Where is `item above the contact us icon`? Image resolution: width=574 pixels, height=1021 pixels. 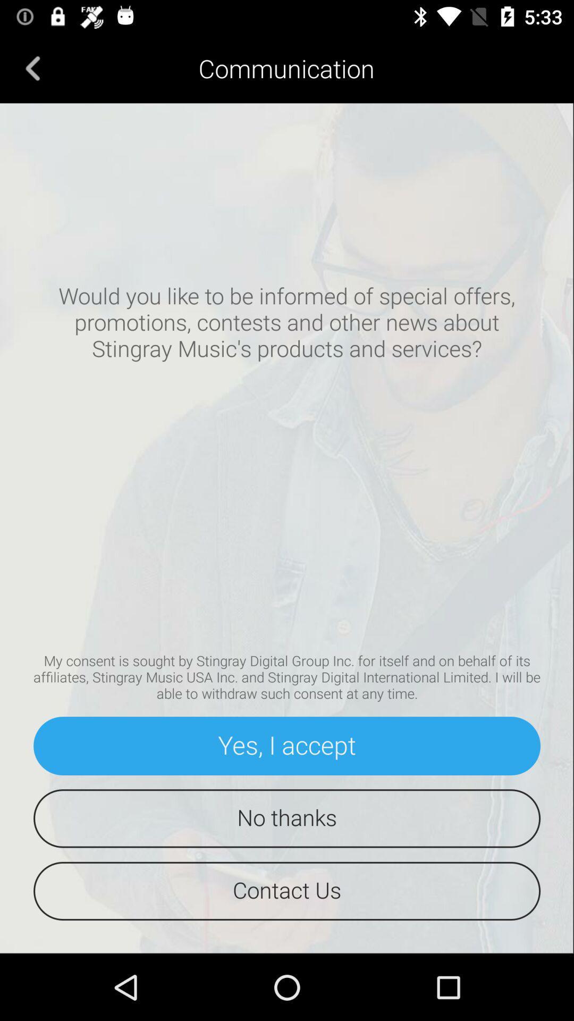 item above the contact us icon is located at coordinates (287, 818).